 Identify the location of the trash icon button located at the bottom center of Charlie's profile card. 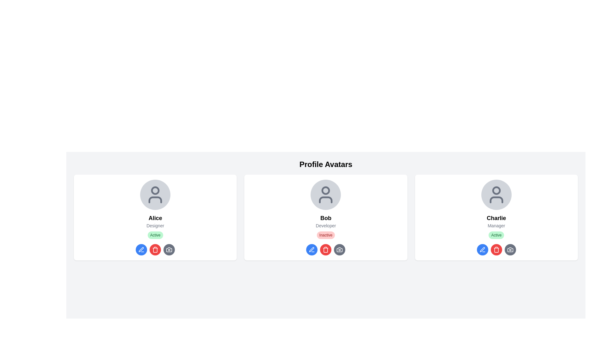
(496, 249).